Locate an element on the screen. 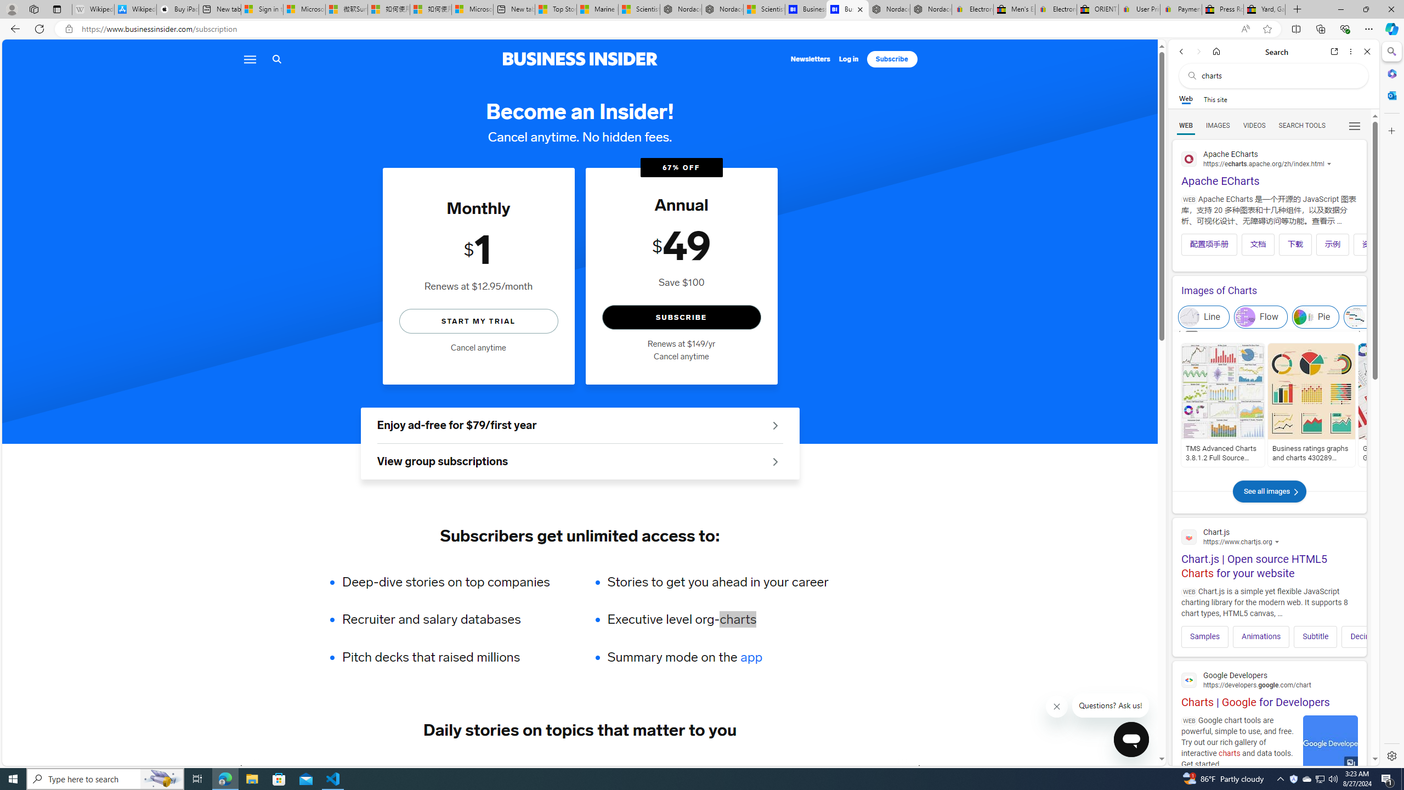 This screenshot has width=1404, height=790. 'Microsoft account | Account Checkup' is located at coordinates (472, 9).